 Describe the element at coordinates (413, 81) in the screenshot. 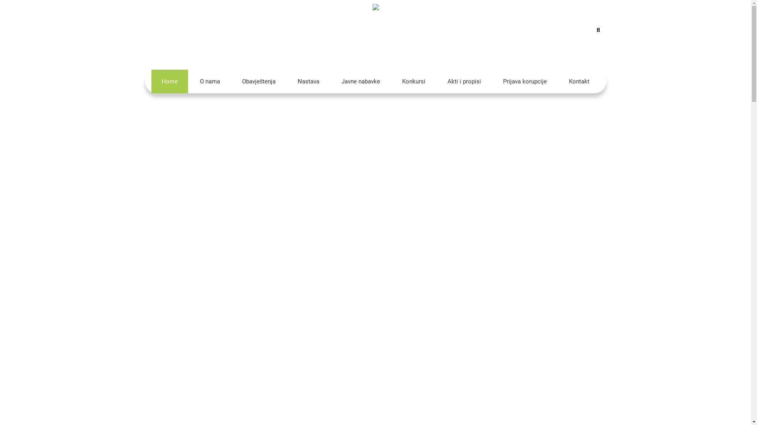

I see `'Konkursi'` at that location.